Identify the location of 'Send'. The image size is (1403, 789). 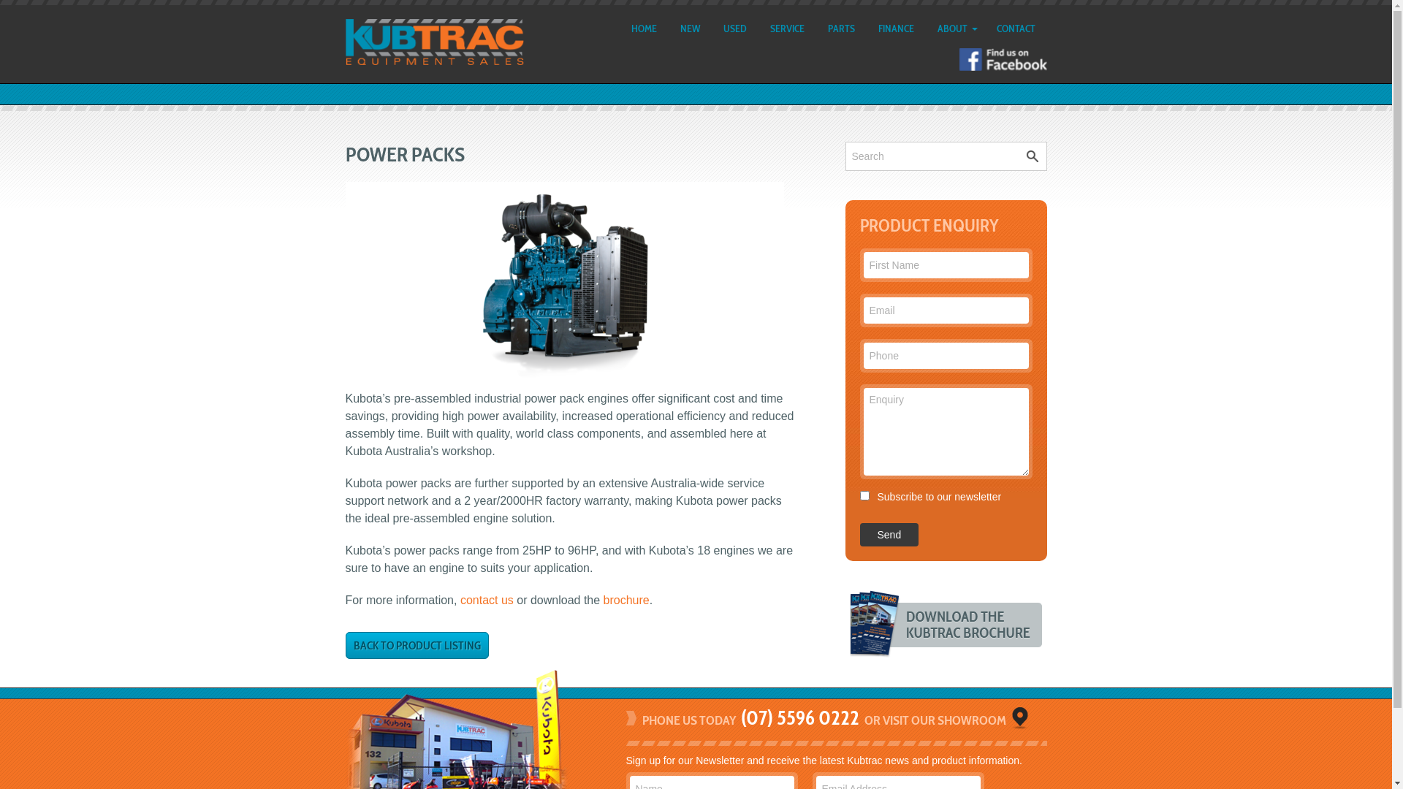
(888, 535).